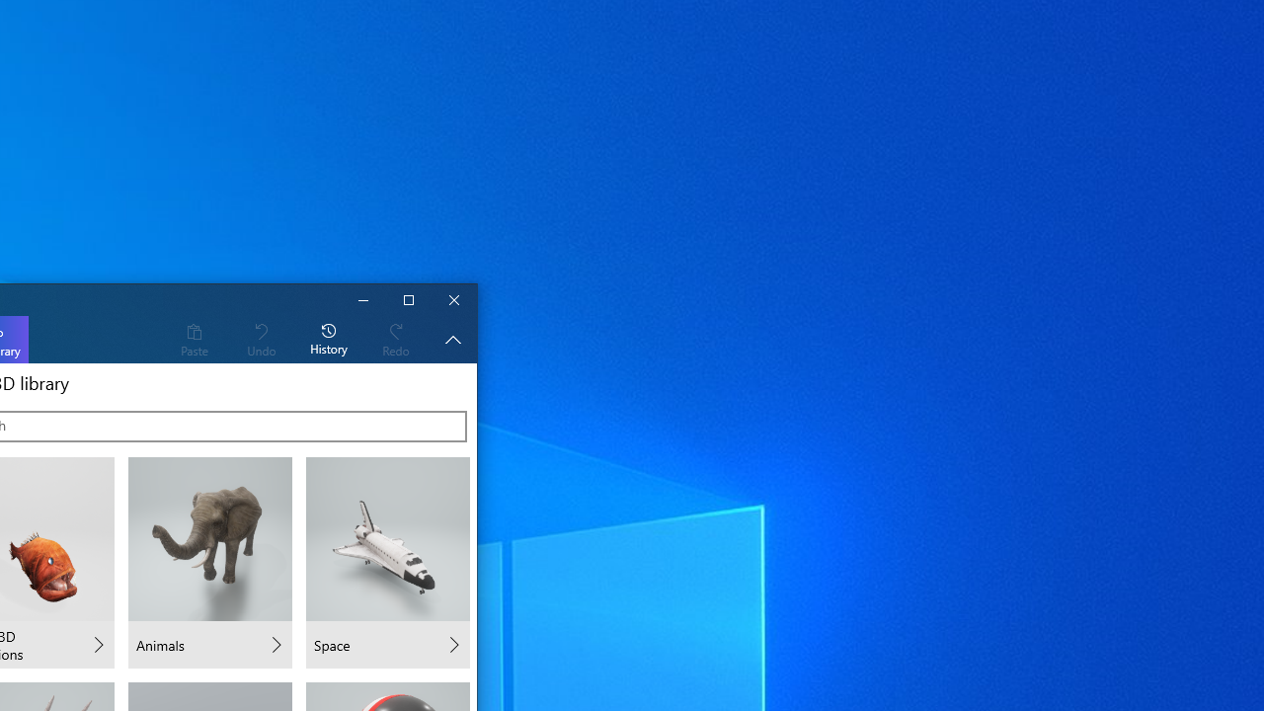  I want to click on 'Space', so click(387, 563).